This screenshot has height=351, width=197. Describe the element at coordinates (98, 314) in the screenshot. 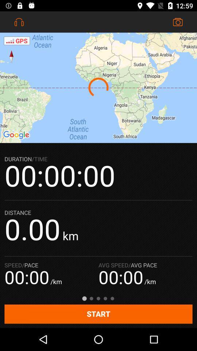

I see `start item` at that location.